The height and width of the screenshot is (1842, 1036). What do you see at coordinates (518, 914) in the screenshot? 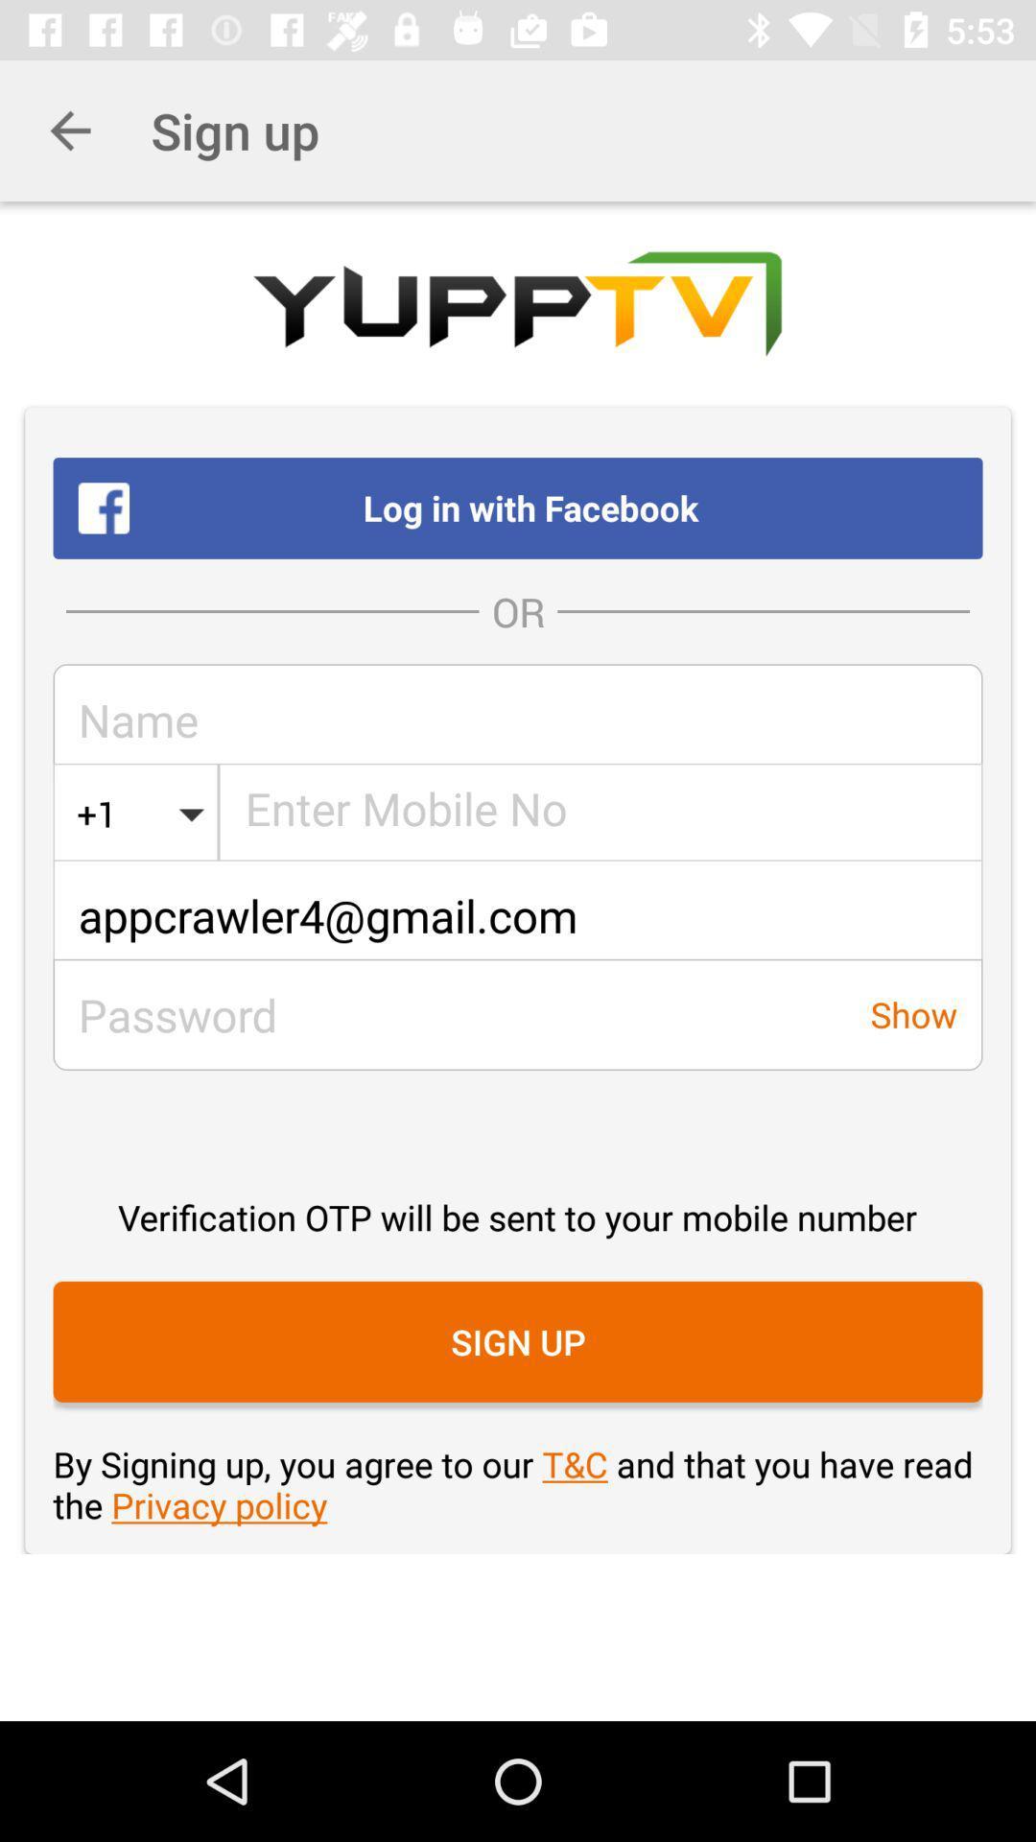
I see `item below the +1 icon` at bounding box center [518, 914].